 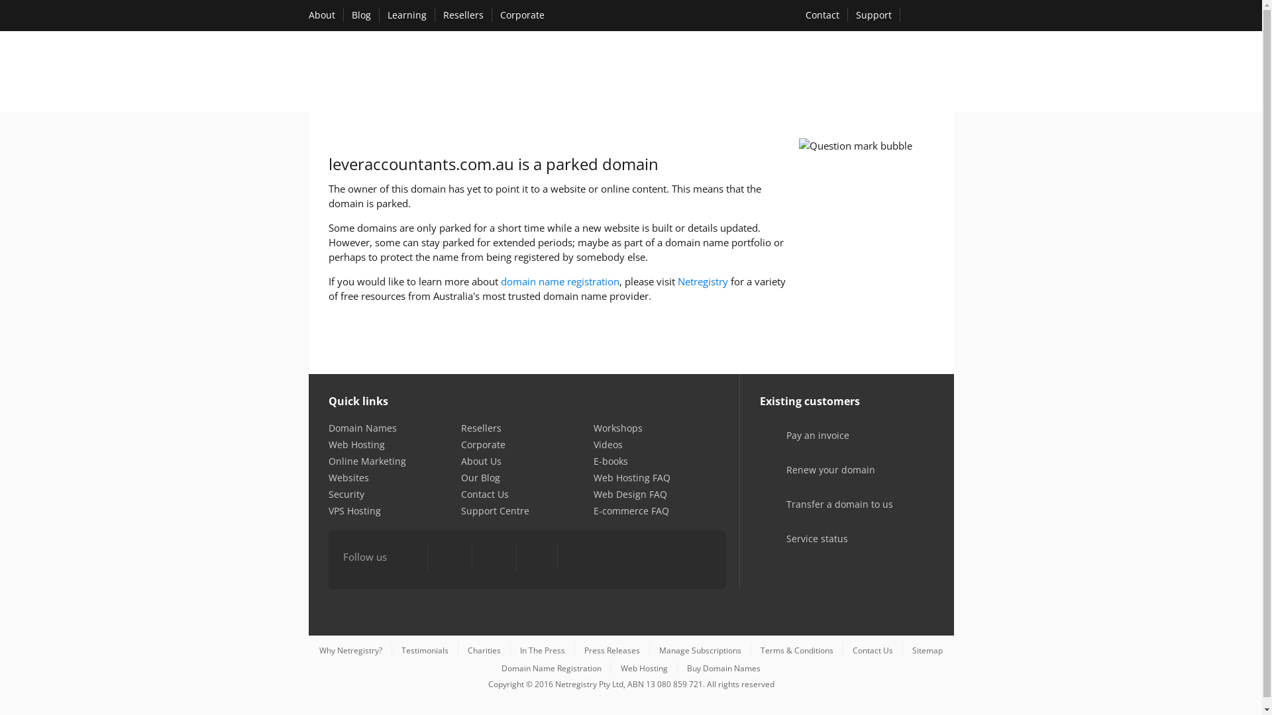 I want to click on 'Corporate', so click(x=482, y=444).